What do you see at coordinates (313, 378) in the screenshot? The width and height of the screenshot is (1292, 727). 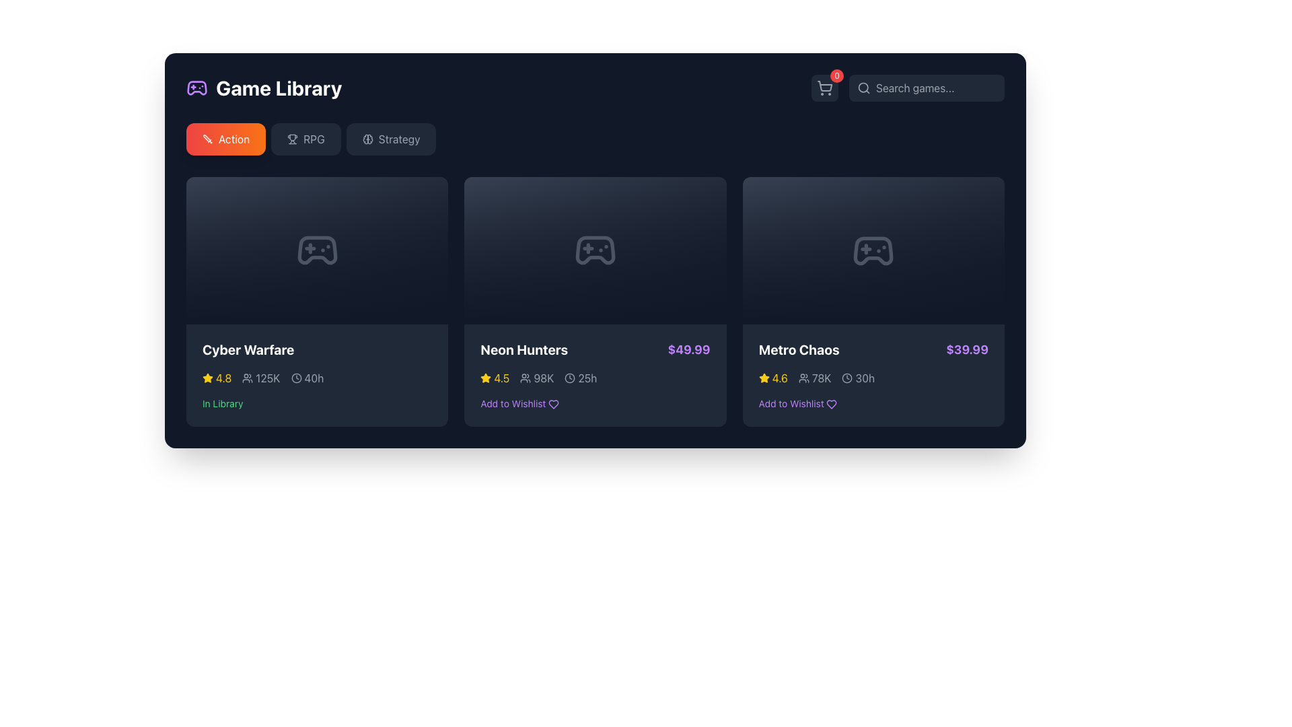 I see `the information displayed in the Text Label indicating the approximate duration of gameplay, located in the first game card to the right of the clock icon and below the numerical rating and user count` at bounding box center [313, 378].